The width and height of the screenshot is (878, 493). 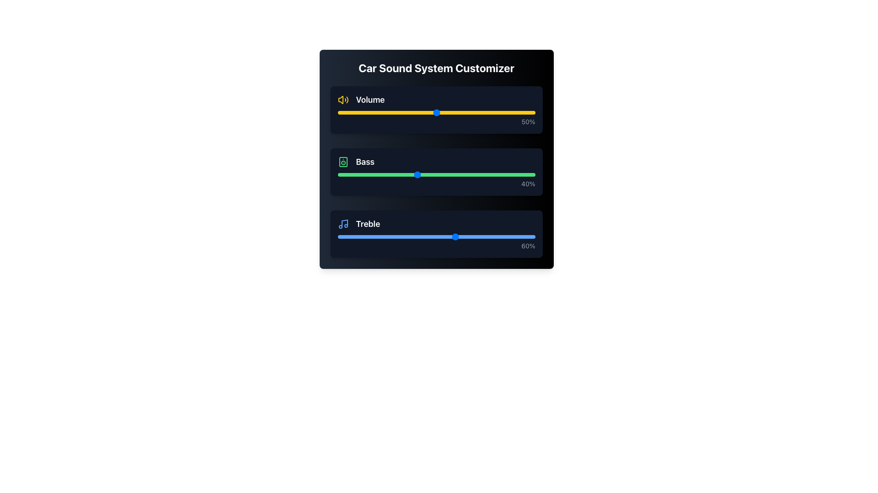 What do you see at coordinates (397, 236) in the screenshot?
I see `the treble level` at bounding box center [397, 236].